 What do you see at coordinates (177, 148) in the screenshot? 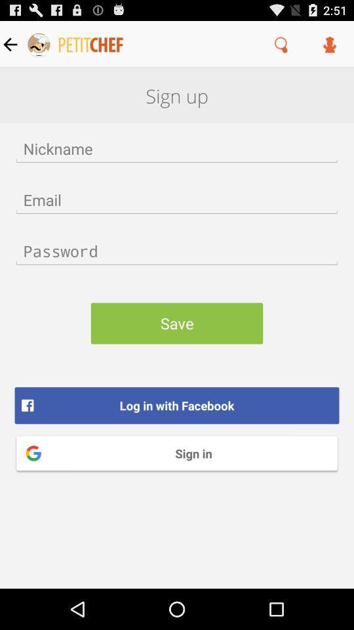
I see `nickname field` at bounding box center [177, 148].